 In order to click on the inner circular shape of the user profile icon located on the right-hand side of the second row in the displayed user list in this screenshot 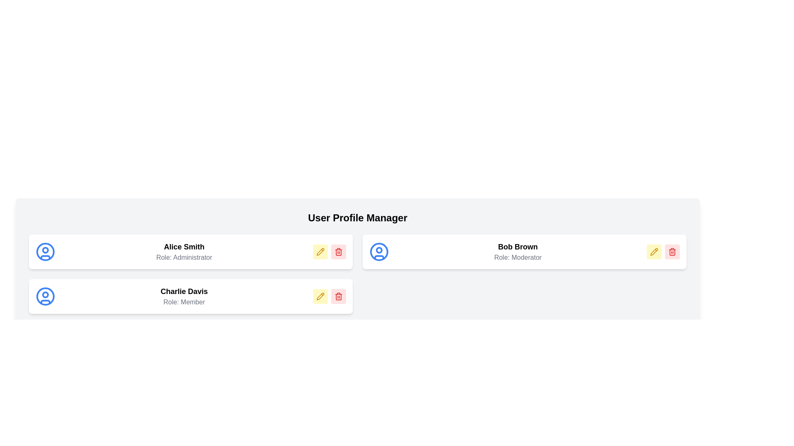, I will do `click(378, 249)`.